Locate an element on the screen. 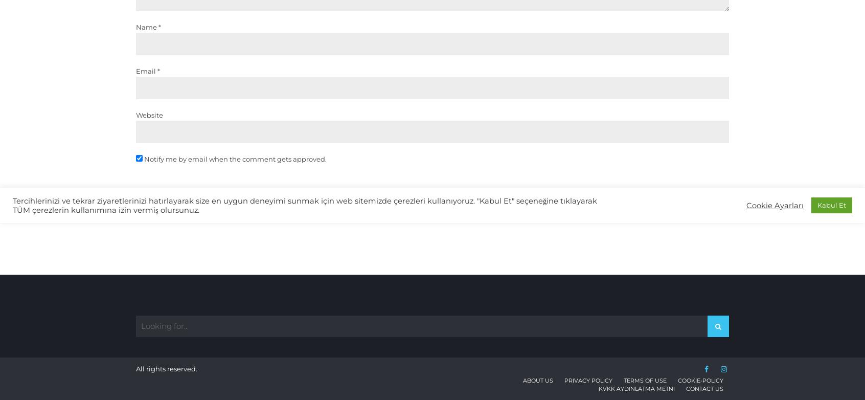  'Post Comment' is located at coordinates (184, 198).